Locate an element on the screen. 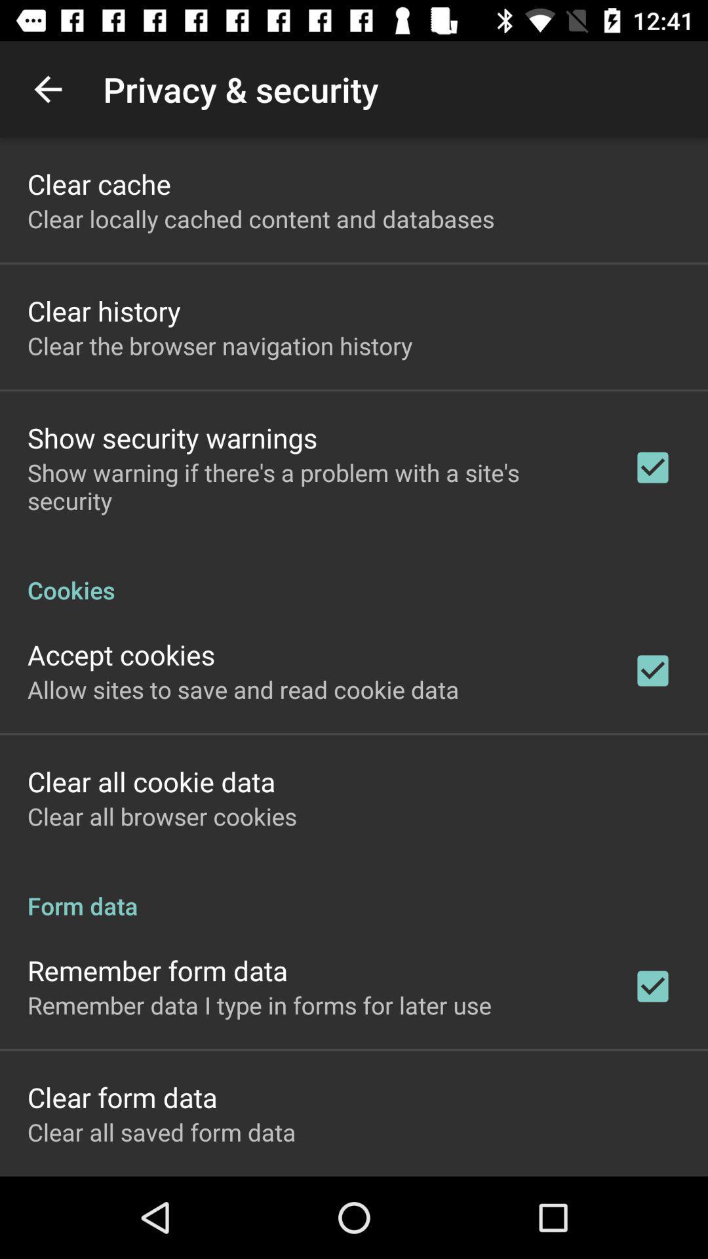  the allow sites to icon is located at coordinates (243, 689).